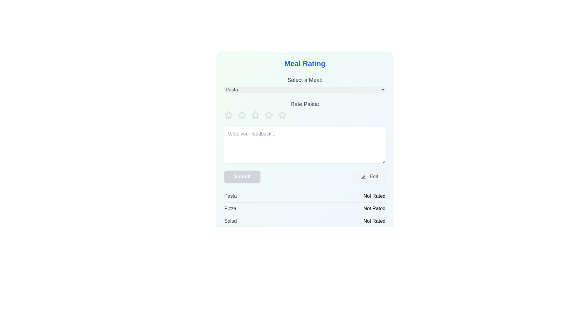 The height and width of the screenshot is (329, 586). What do you see at coordinates (374, 221) in the screenshot?
I see `the static text label indicating the current rating status for the 'Salad' item, which shows that it has not been rated yet` at bounding box center [374, 221].